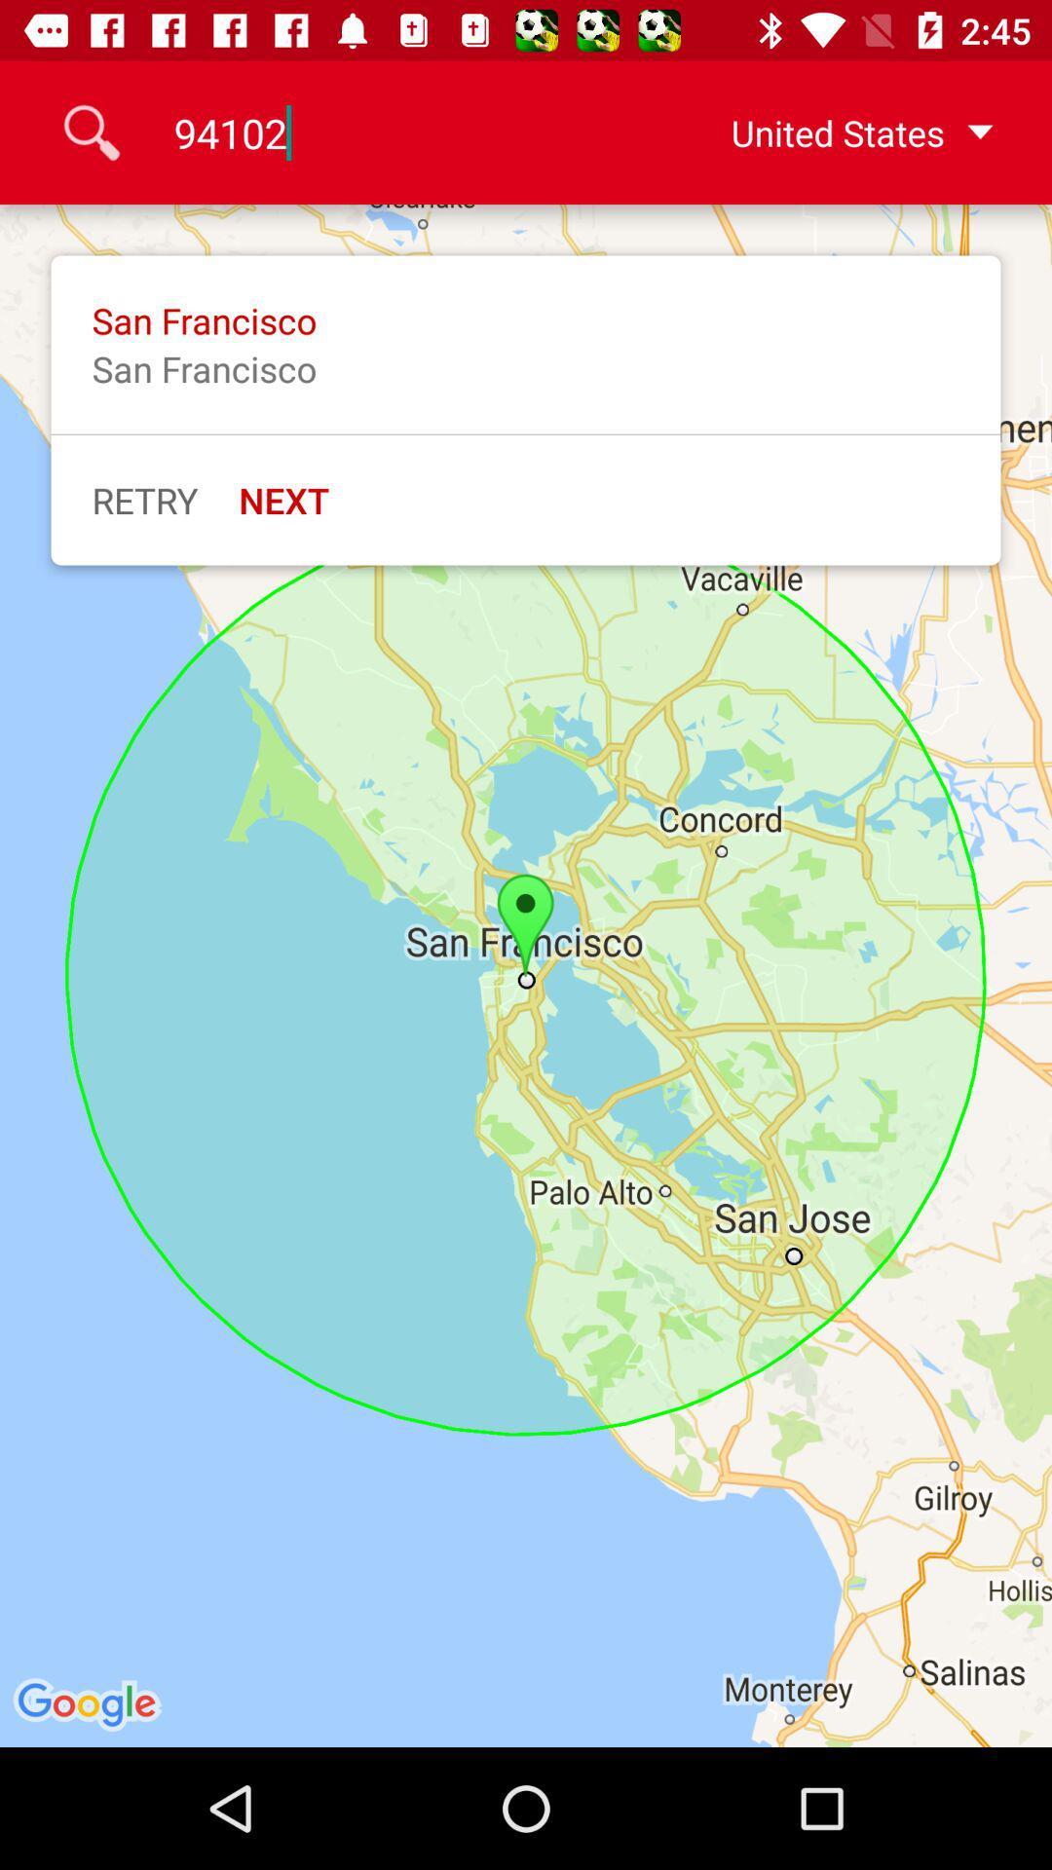 The height and width of the screenshot is (1870, 1052). Describe the element at coordinates (396, 131) in the screenshot. I see `the 94102` at that location.